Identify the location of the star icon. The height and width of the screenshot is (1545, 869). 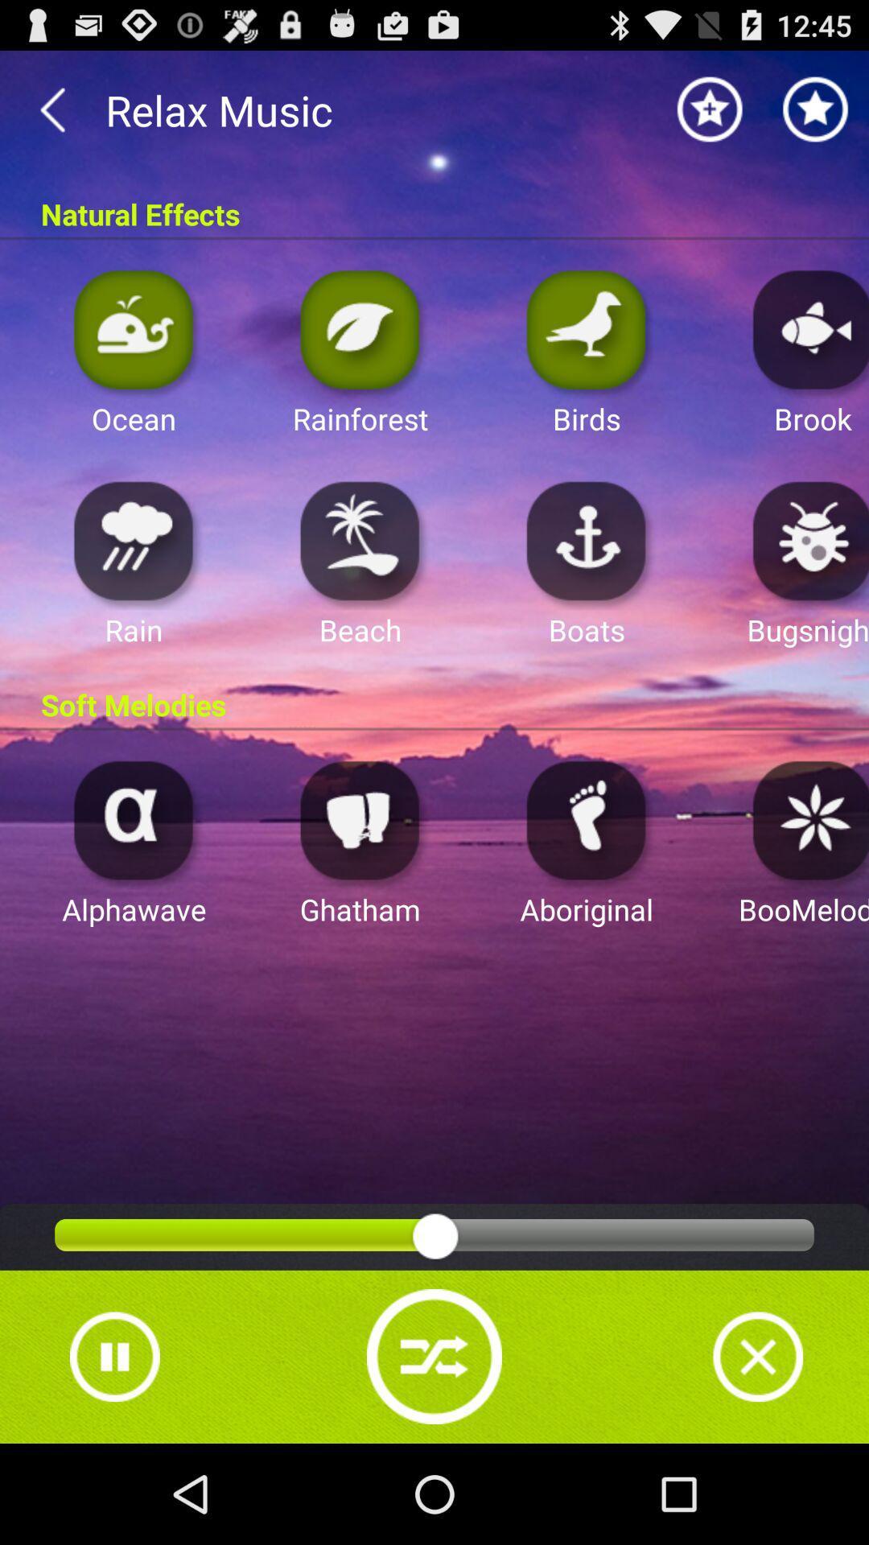
(710, 117).